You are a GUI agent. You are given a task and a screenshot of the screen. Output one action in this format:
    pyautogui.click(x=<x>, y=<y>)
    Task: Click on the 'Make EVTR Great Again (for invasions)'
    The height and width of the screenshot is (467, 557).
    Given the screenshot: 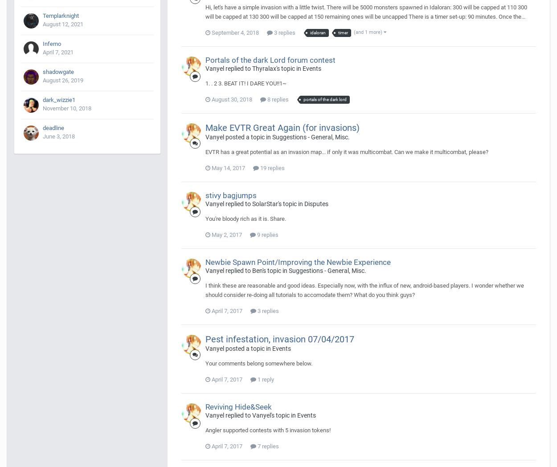 What is the action you would take?
    pyautogui.click(x=205, y=127)
    